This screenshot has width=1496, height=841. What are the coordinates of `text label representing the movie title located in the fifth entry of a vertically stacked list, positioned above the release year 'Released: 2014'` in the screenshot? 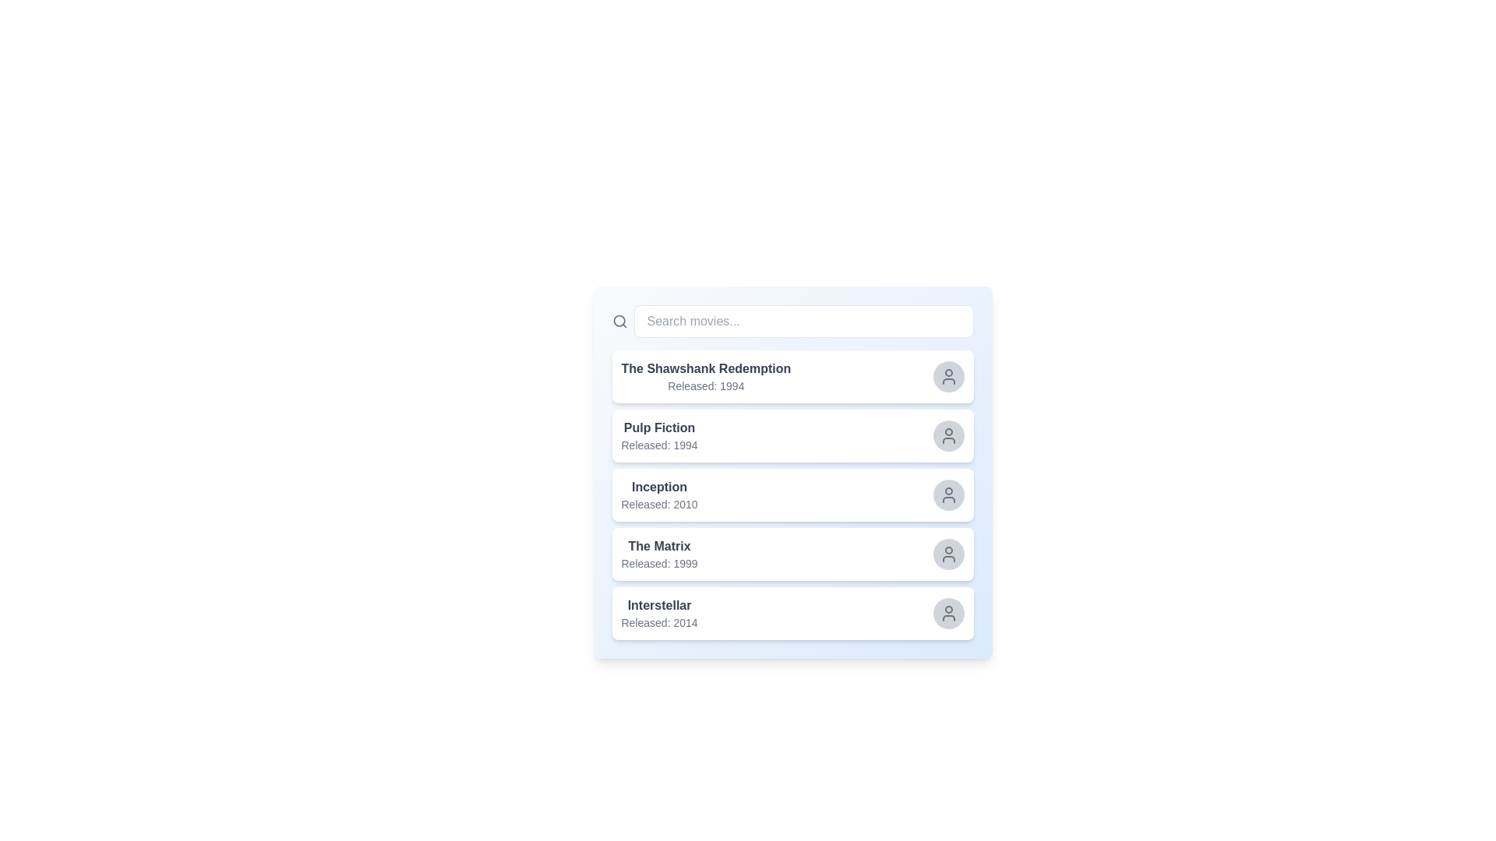 It's located at (659, 605).